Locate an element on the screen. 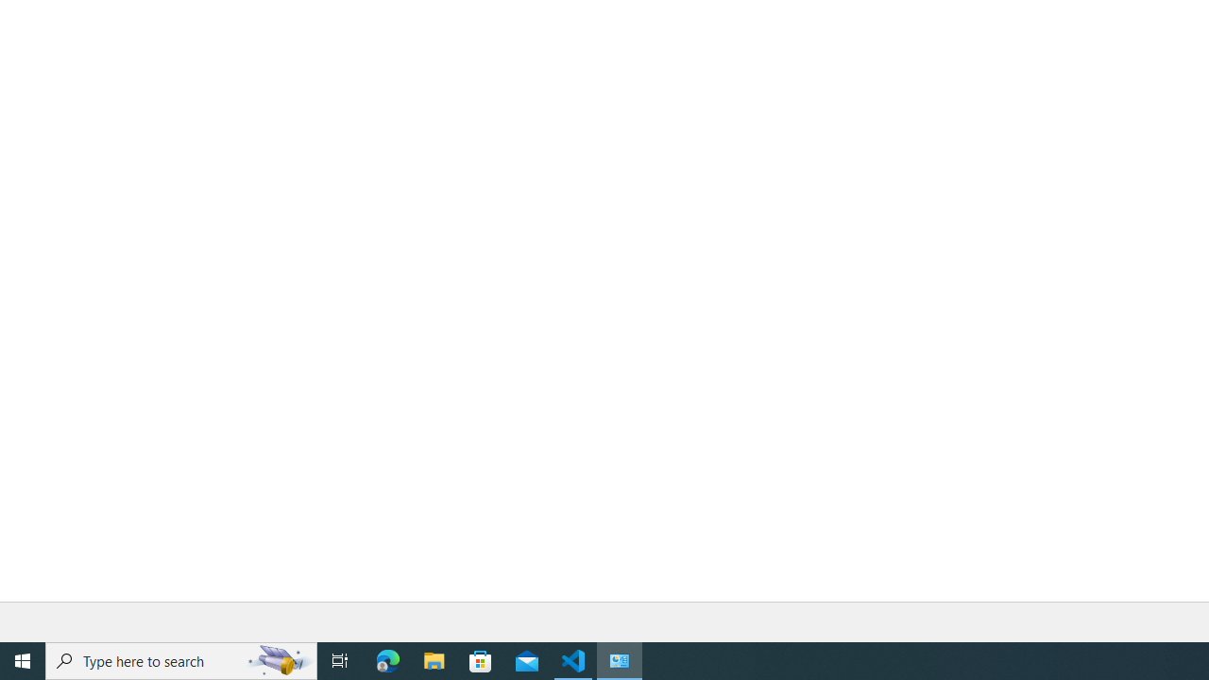  'Start' is located at coordinates (23, 659).